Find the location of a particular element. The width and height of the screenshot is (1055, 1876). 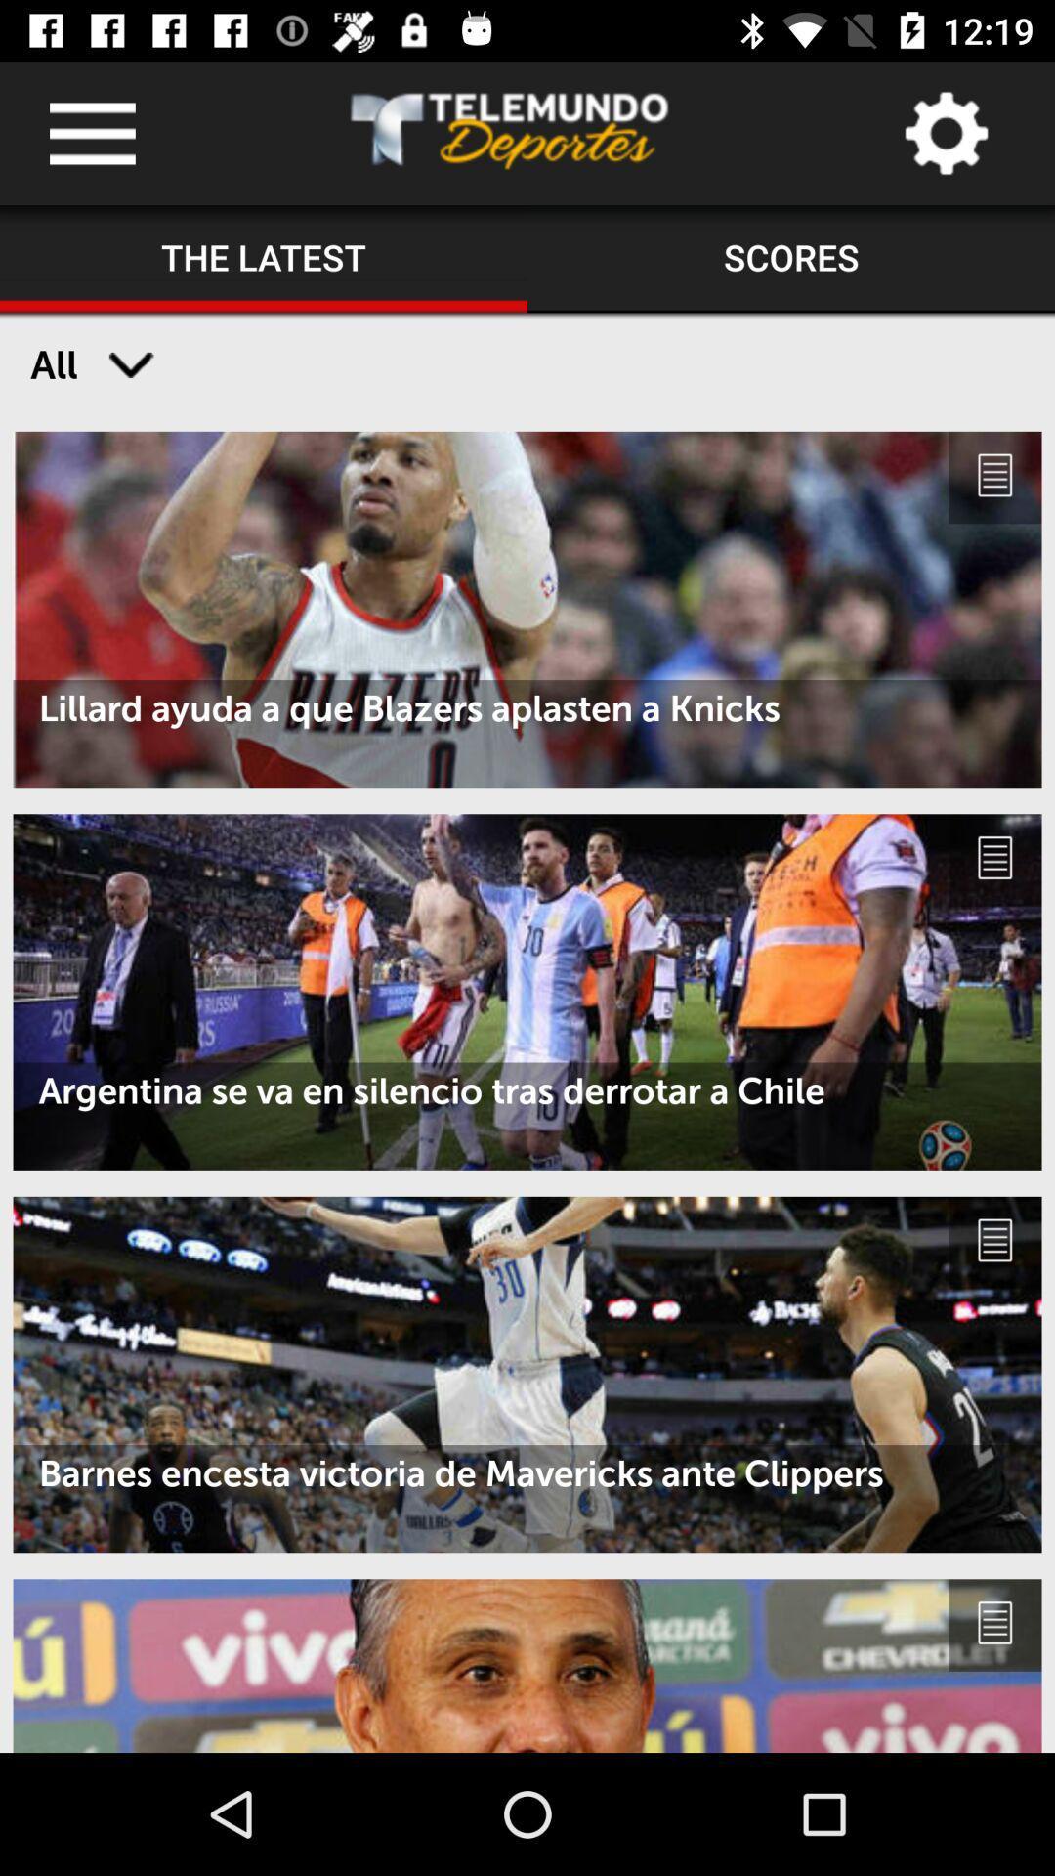

the icon above the the latest icon is located at coordinates (510, 132).